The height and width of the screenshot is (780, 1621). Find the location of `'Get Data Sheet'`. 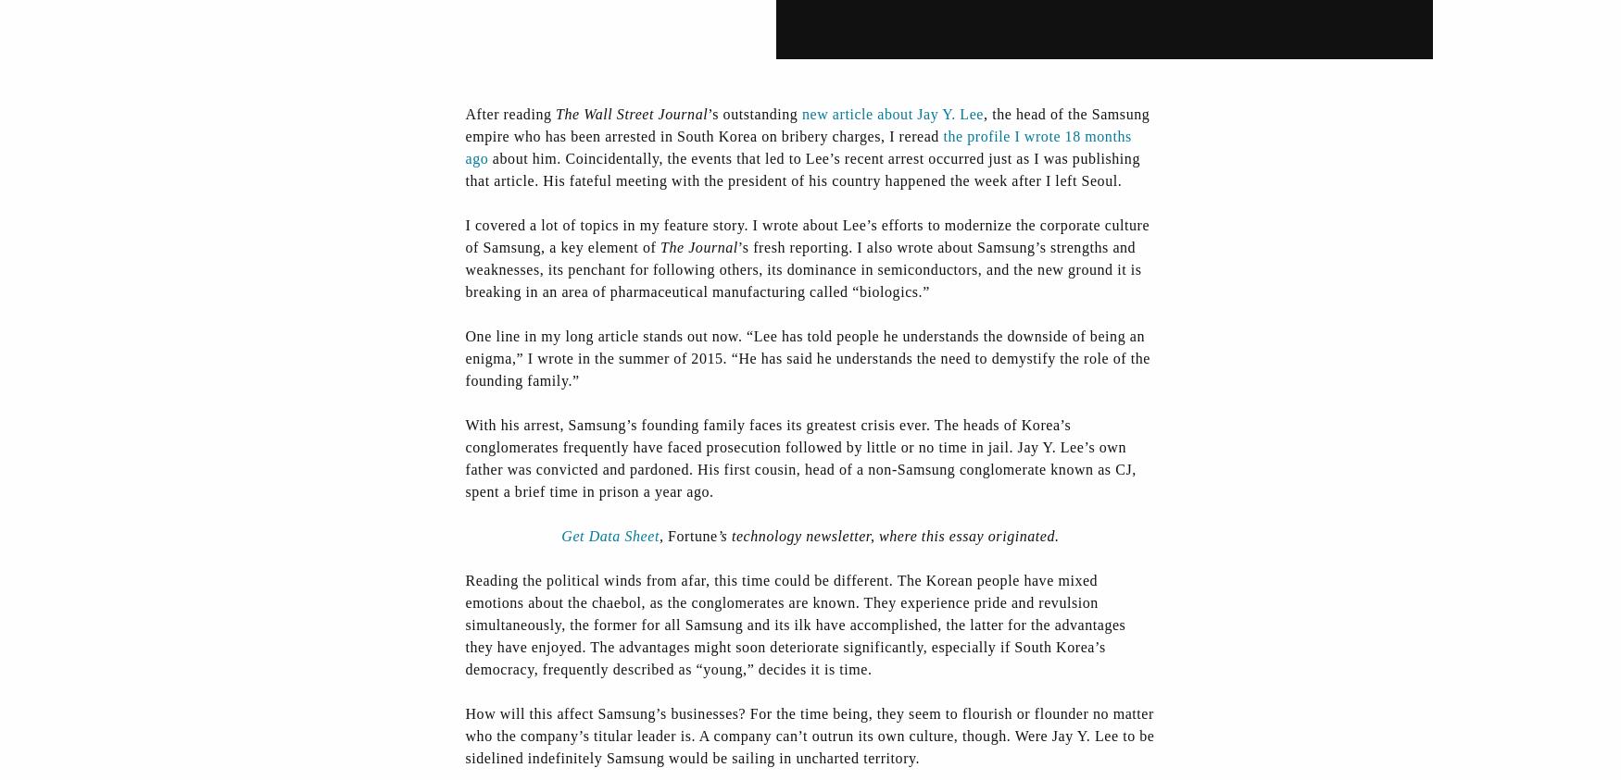

'Get Data Sheet' is located at coordinates (609, 535).